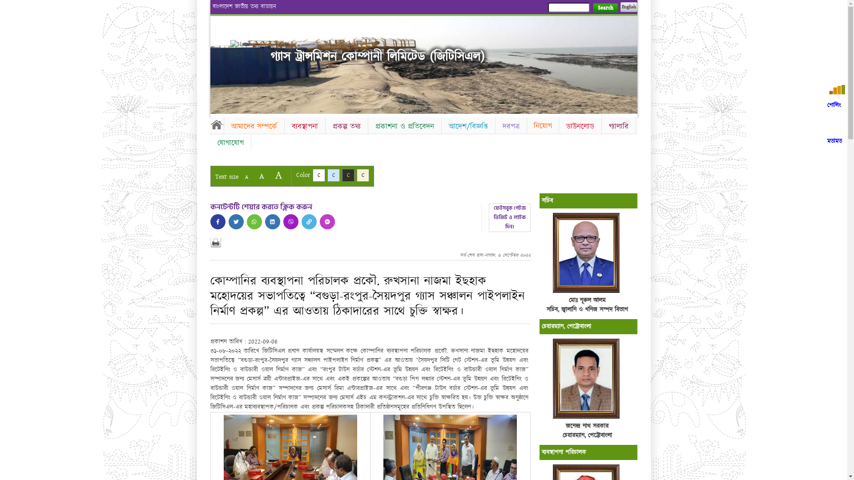  I want to click on 'A', so click(246, 177).